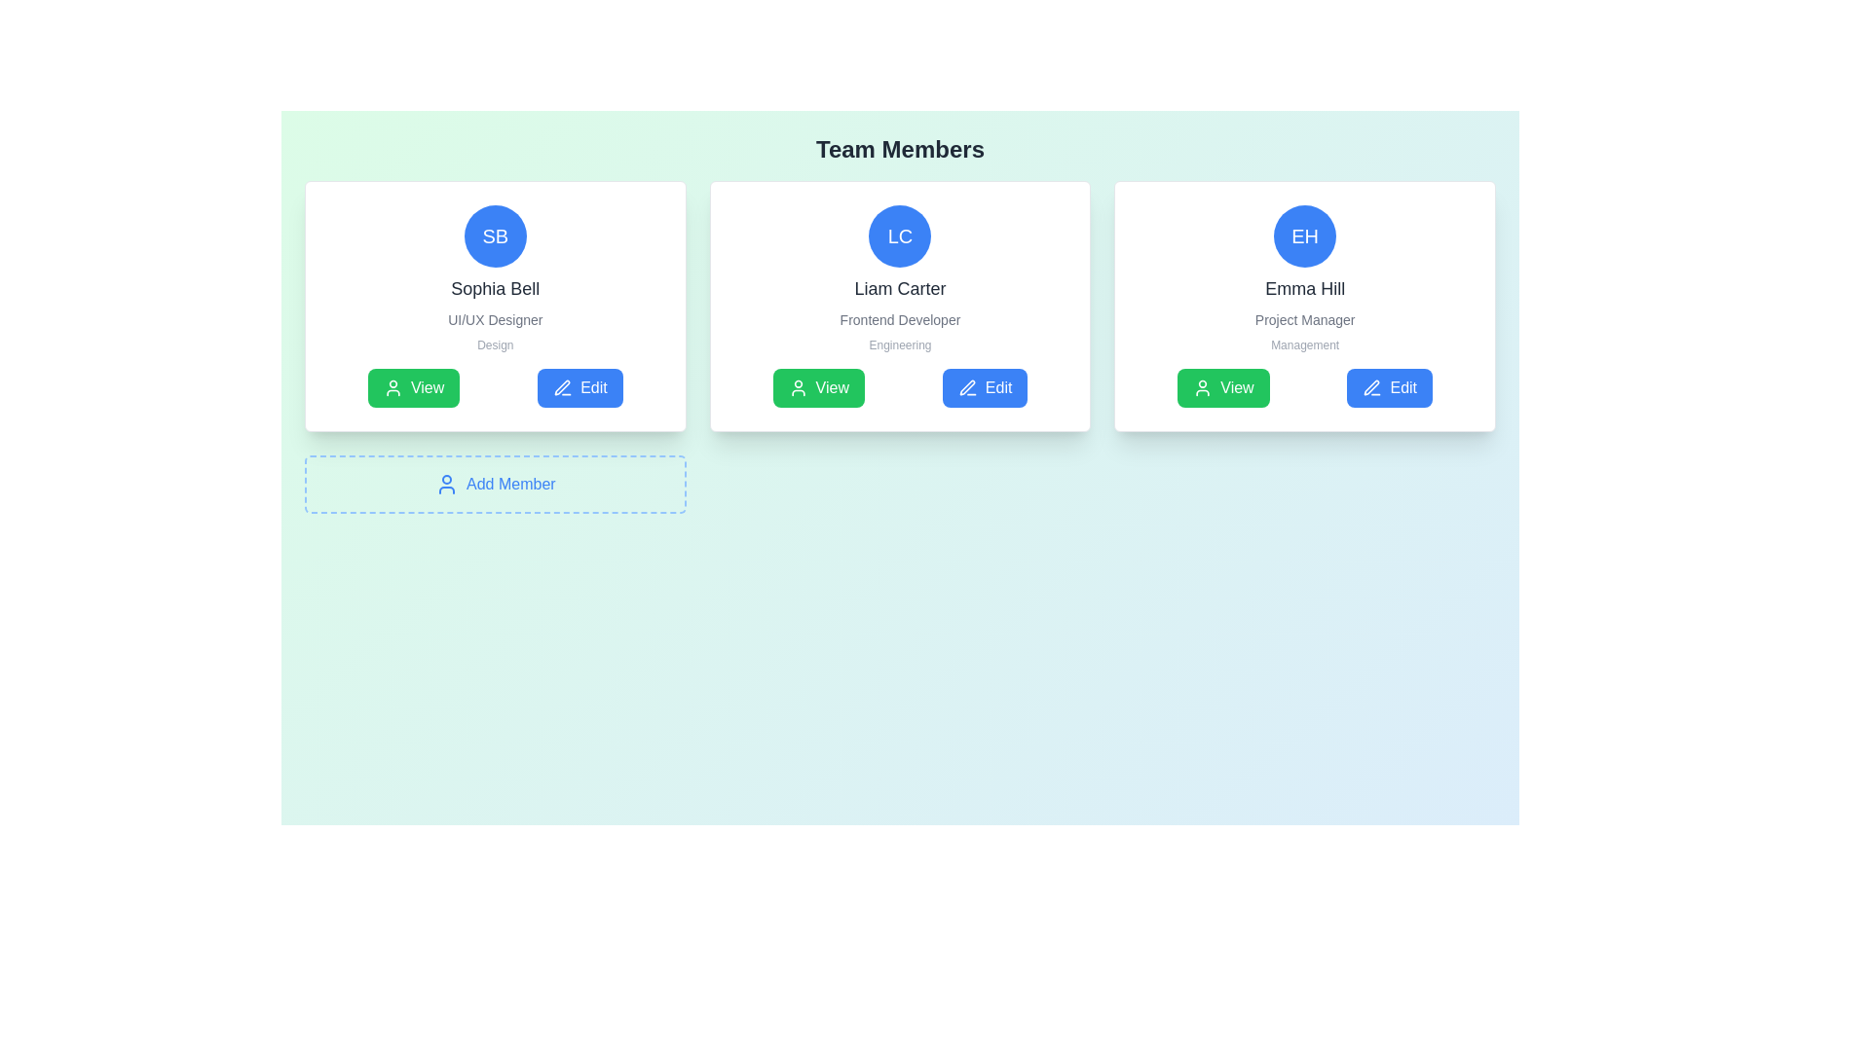 Image resolution: width=1870 pixels, height=1051 pixels. What do you see at coordinates (495, 344) in the screenshot?
I see `the text 'Design' styled in small-sized gray text, located within Sophia Bell's profile card, underneath 'UI/UX Designer'` at bounding box center [495, 344].